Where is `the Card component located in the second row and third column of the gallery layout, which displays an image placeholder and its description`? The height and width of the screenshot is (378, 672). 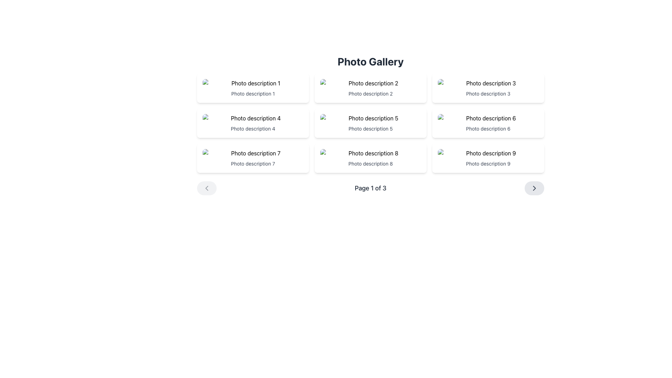
the Card component located in the second row and third column of the gallery layout, which displays an image placeholder and its description is located at coordinates (488, 122).